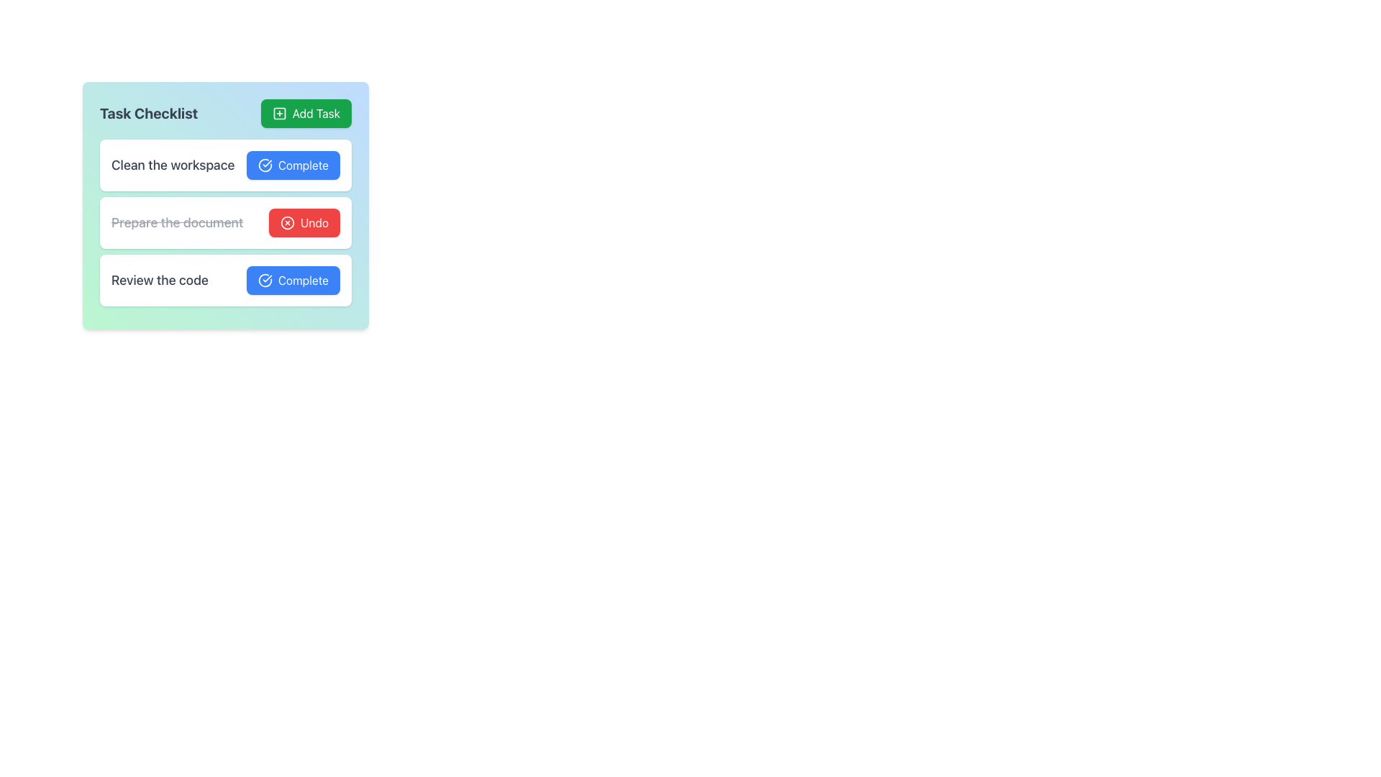  What do you see at coordinates (224, 222) in the screenshot?
I see `task text of the completed task entry labeled 'Prepare the document' located in the second position of the task checklist` at bounding box center [224, 222].